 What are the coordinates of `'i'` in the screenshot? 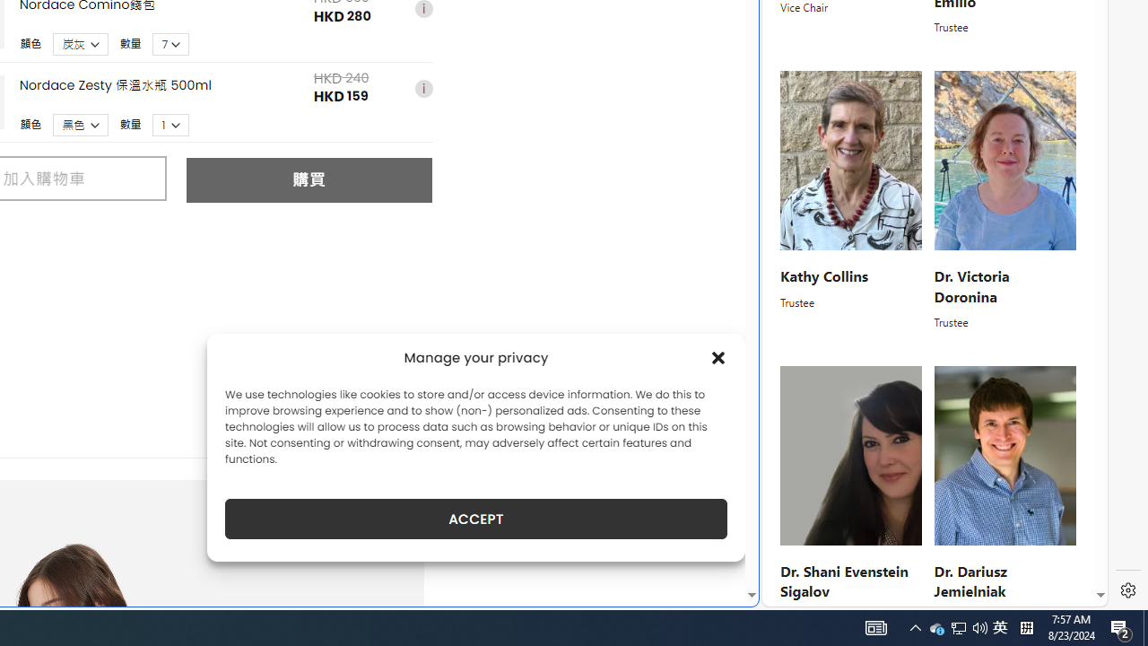 It's located at (422, 89).